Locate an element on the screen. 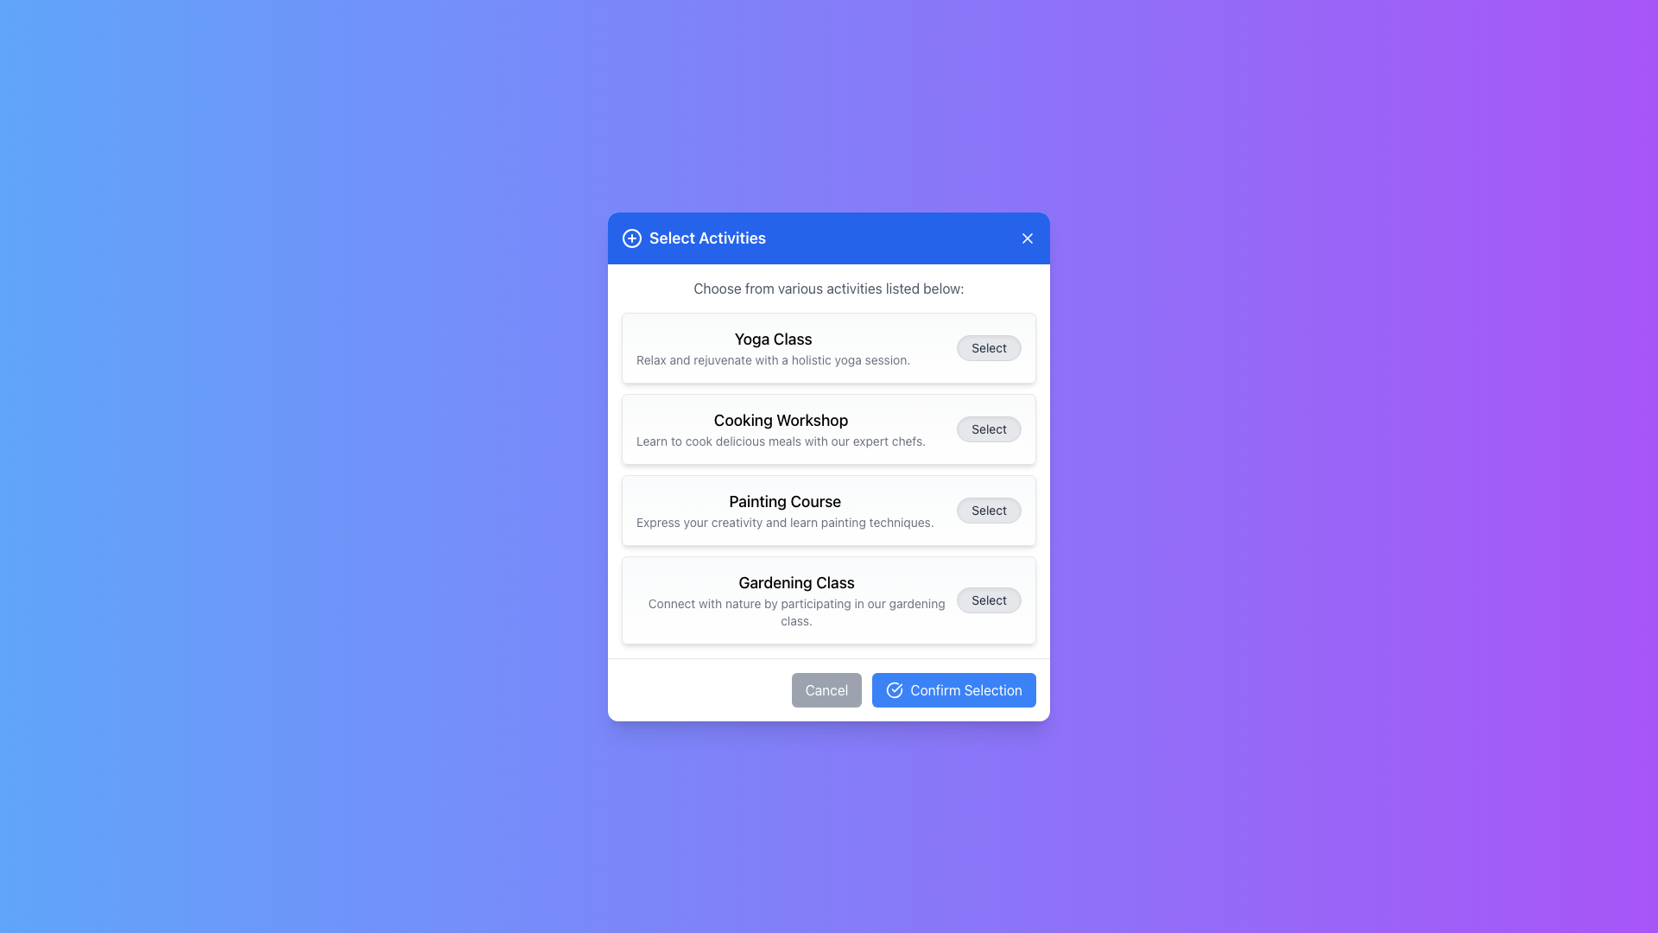 This screenshot has height=933, width=1658. the text label that says 'Choose from various activities listed below:' located directly below the header 'Select Activities' in the modal dialog is located at coordinates (829, 286).